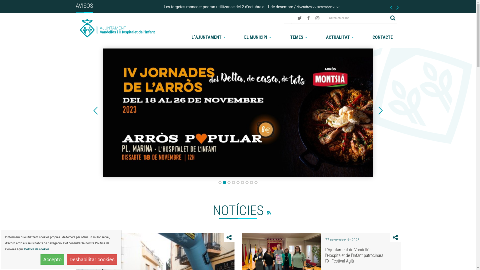 This screenshot has width=480, height=270. What do you see at coordinates (258, 37) in the screenshot?
I see `'EL MUNICIPI'` at bounding box center [258, 37].